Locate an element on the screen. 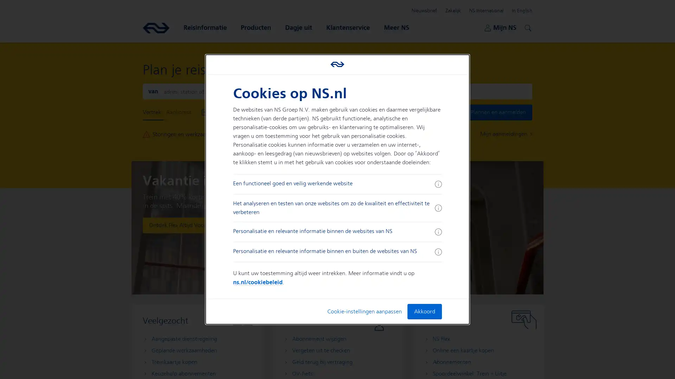 The image size is (675, 379). Meer informatie ingeklapt is located at coordinates (438, 251).